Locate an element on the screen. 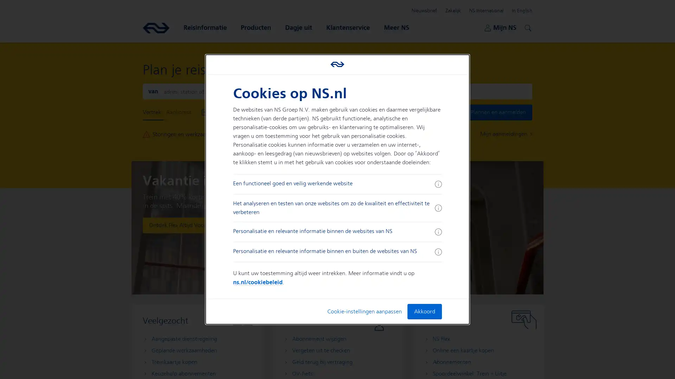 The image size is (675, 379). Meer informatie ingeklapt is located at coordinates (438, 251).